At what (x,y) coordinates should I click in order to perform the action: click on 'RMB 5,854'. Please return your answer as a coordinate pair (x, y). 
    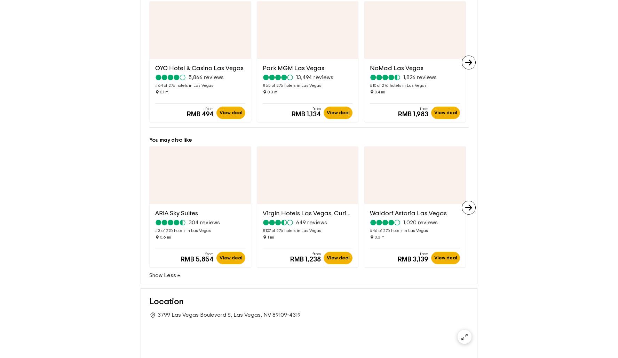
    Looking at the image, I should click on (197, 248).